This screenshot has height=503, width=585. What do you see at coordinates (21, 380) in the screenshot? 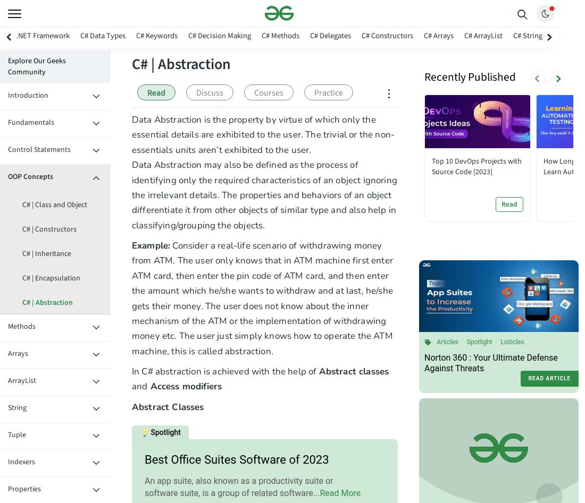
I see `'ArrayList'` at bounding box center [21, 380].